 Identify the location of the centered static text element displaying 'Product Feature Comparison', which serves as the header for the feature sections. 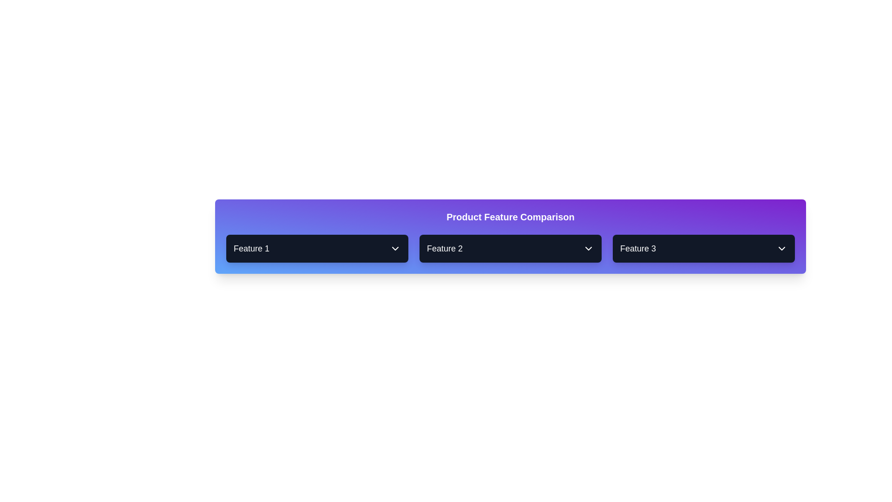
(510, 217).